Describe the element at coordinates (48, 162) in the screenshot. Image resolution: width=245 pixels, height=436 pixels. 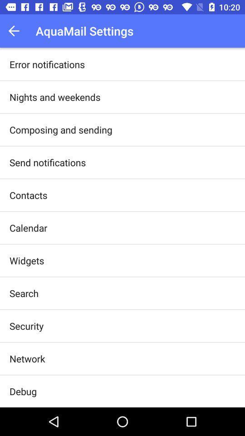
I see `item below the composing and sending app` at that location.